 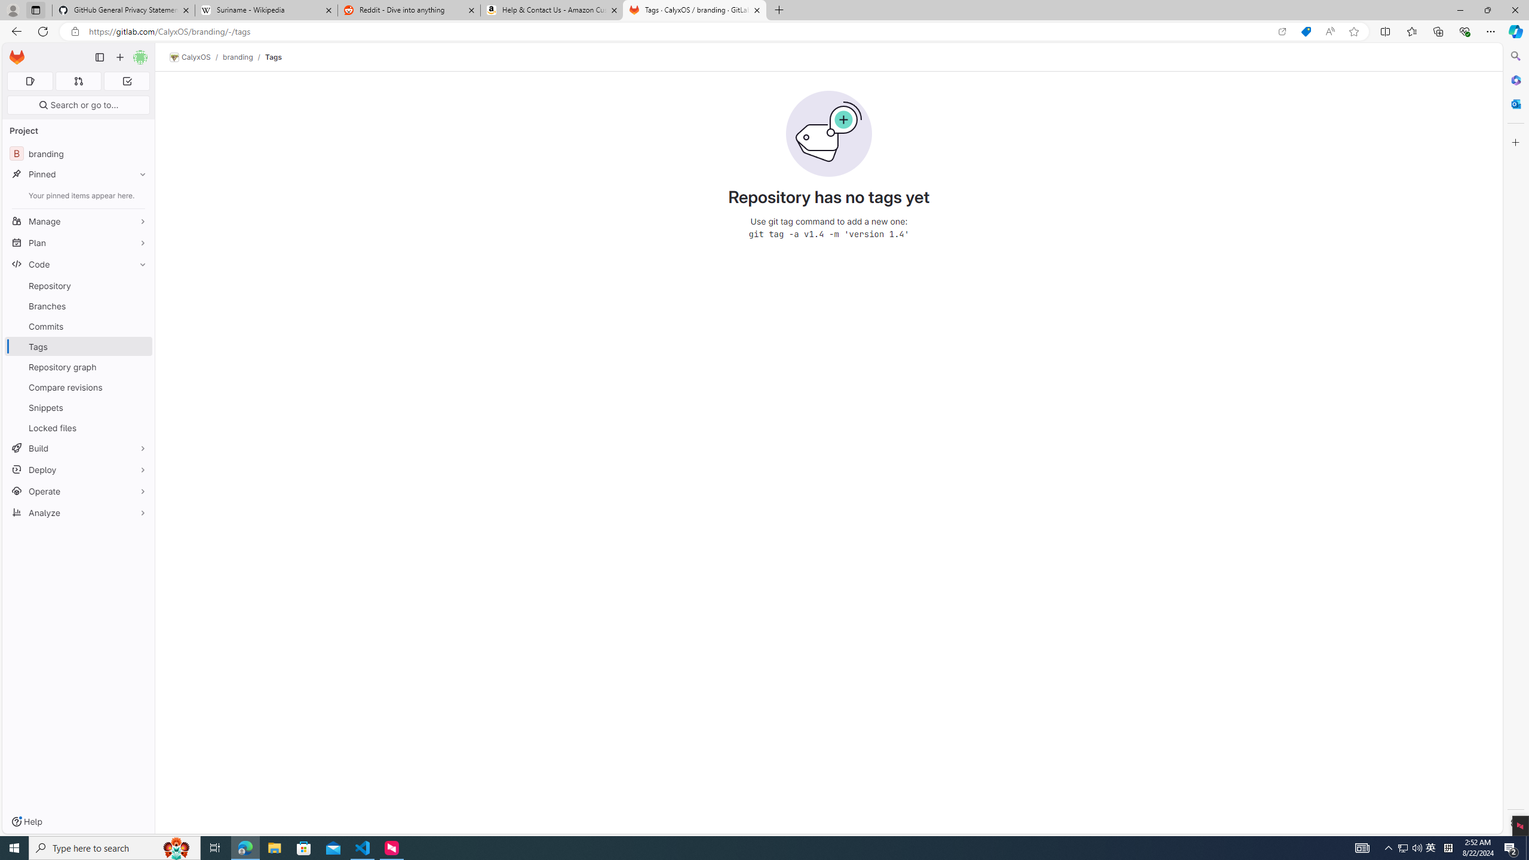 I want to click on 'Deploy', so click(x=78, y=469).